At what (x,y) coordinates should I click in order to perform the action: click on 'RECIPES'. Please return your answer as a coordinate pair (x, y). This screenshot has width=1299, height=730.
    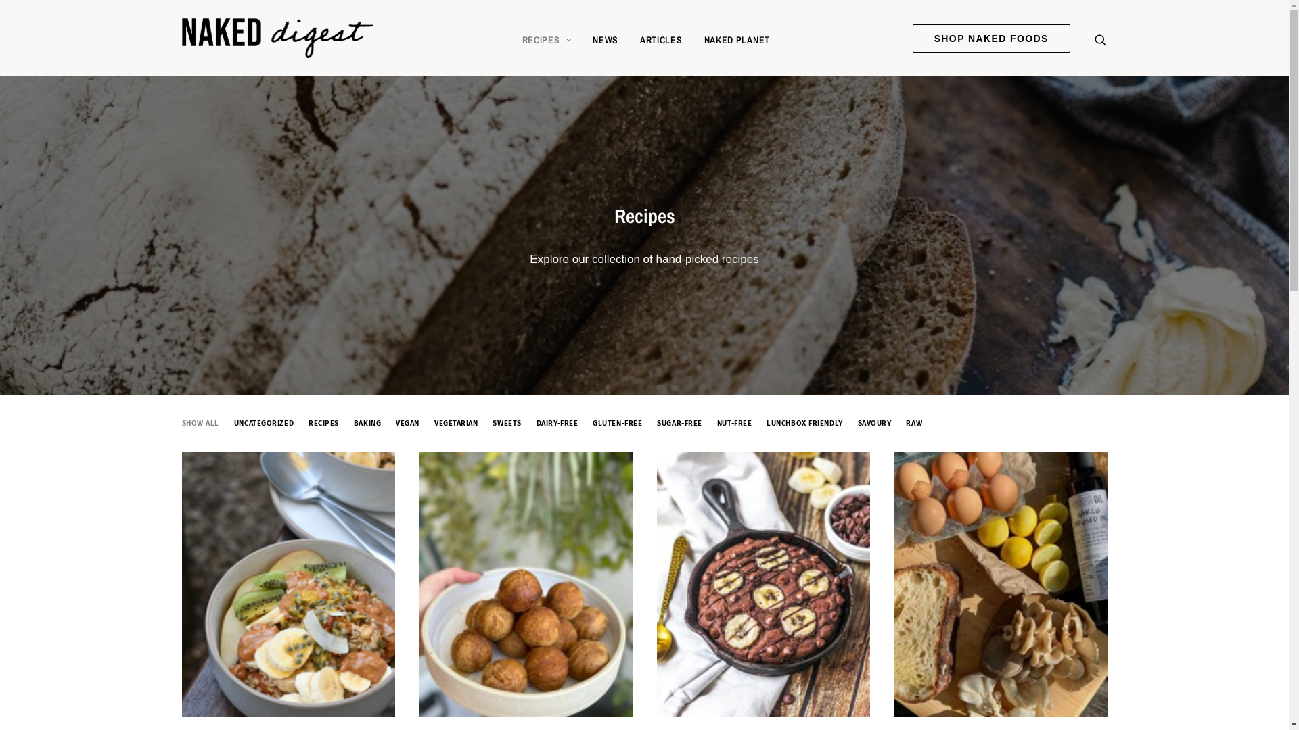
    Looking at the image, I should click on (546, 37).